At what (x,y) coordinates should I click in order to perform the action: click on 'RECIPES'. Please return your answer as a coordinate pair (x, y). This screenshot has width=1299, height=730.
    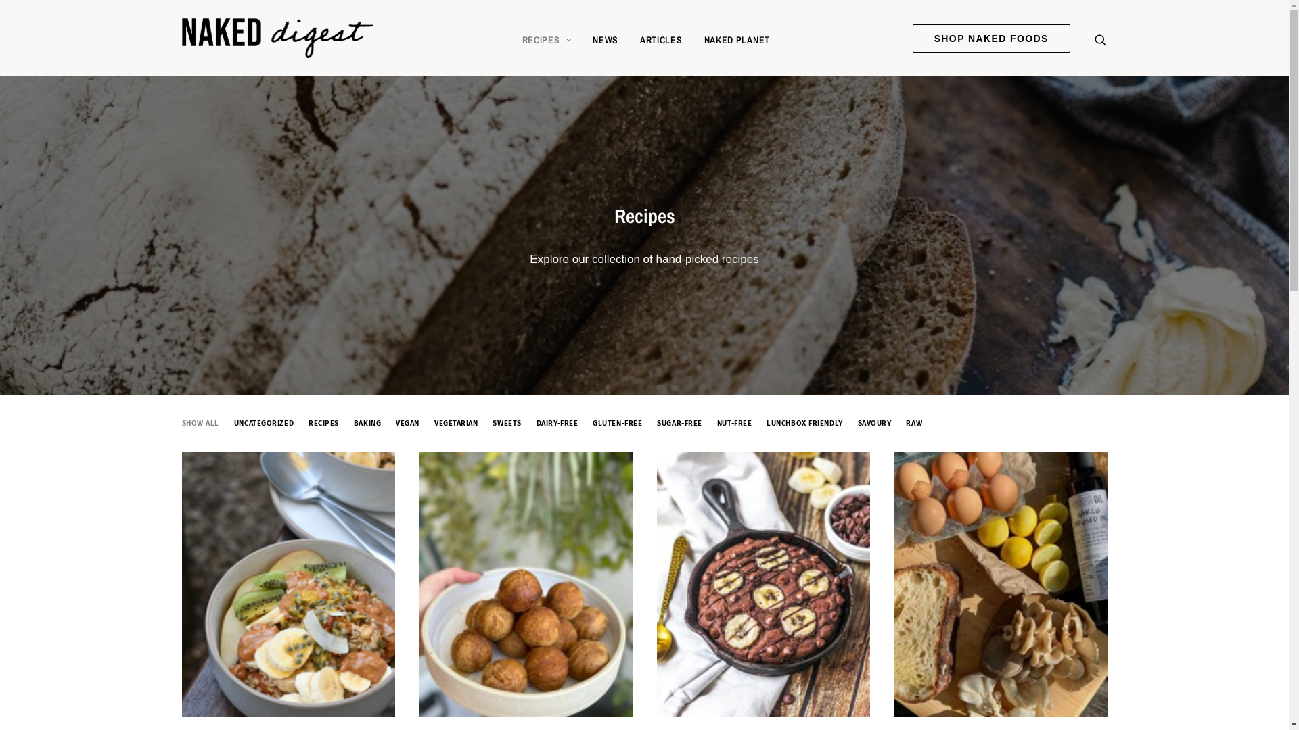
    Looking at the image, I should click on (546, 37).